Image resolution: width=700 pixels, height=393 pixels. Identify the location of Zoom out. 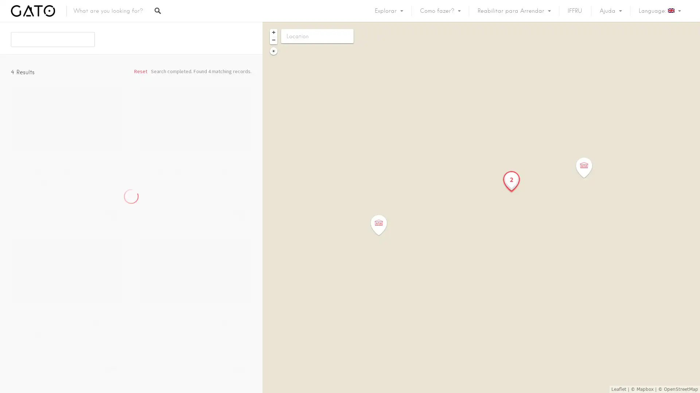
(273, 40).